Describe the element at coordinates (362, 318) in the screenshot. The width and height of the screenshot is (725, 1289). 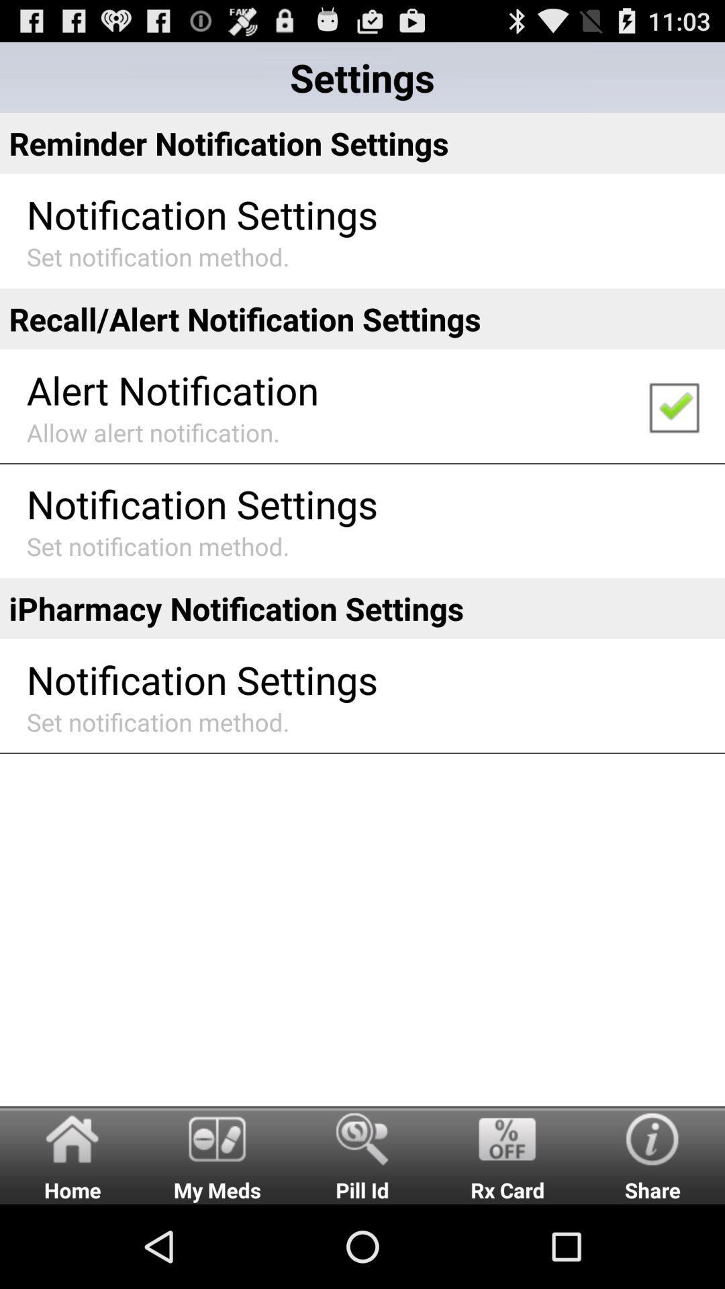
I see `item above alert notification icon` at that location.